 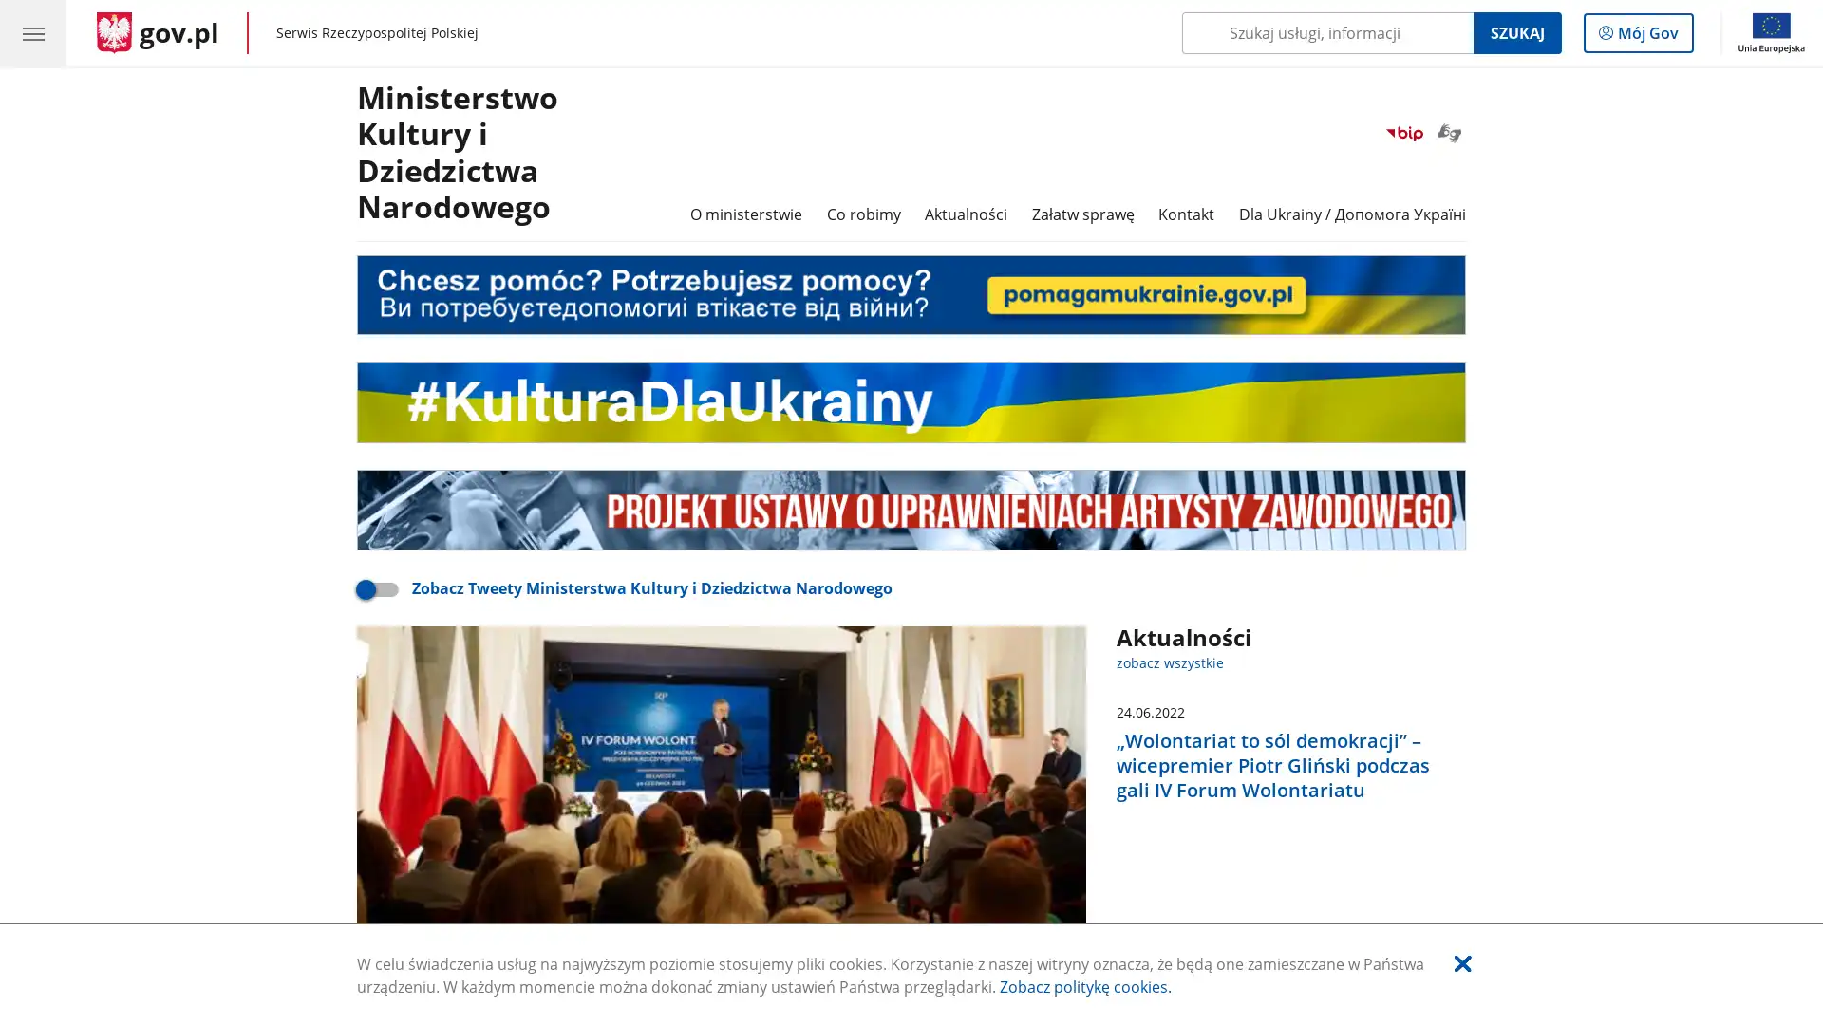 What do you see at coordinates (1515, 32) in the screenshot?
I see `SZUKAJ` at bounding box center [1515, 32].